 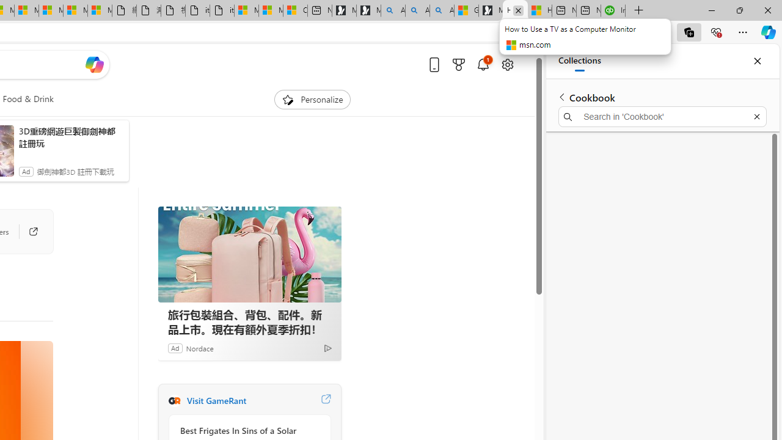 What do you see at coordinates (313, 99) in the screenshot?
I see `'Personalize'` at bounding box center [313, 99].